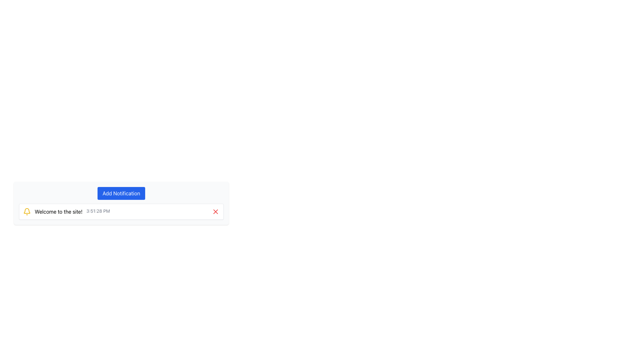 The height and width of the screenshot is (347, 618). I want to click on the red circular 'close' icon with an 'X' symbol, so click(216, 212).